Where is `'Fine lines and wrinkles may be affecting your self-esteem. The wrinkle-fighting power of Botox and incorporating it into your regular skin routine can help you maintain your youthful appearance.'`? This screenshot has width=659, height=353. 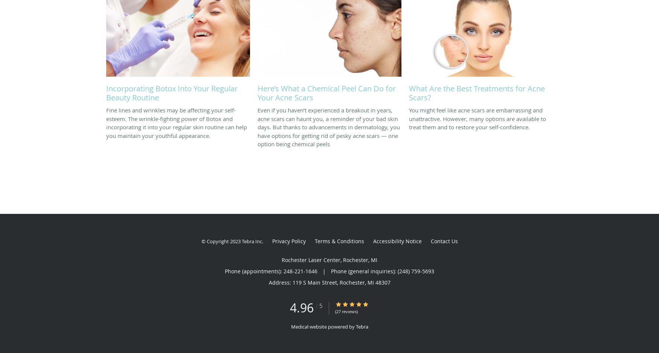
'Fine lines and wrinkles may be affecting your self-esteem. The wrinkle-fighting power of Botox and incorporating it into your regular skin routine can help you maintain your youthful appearance.' is located at coordinates (177, 122).